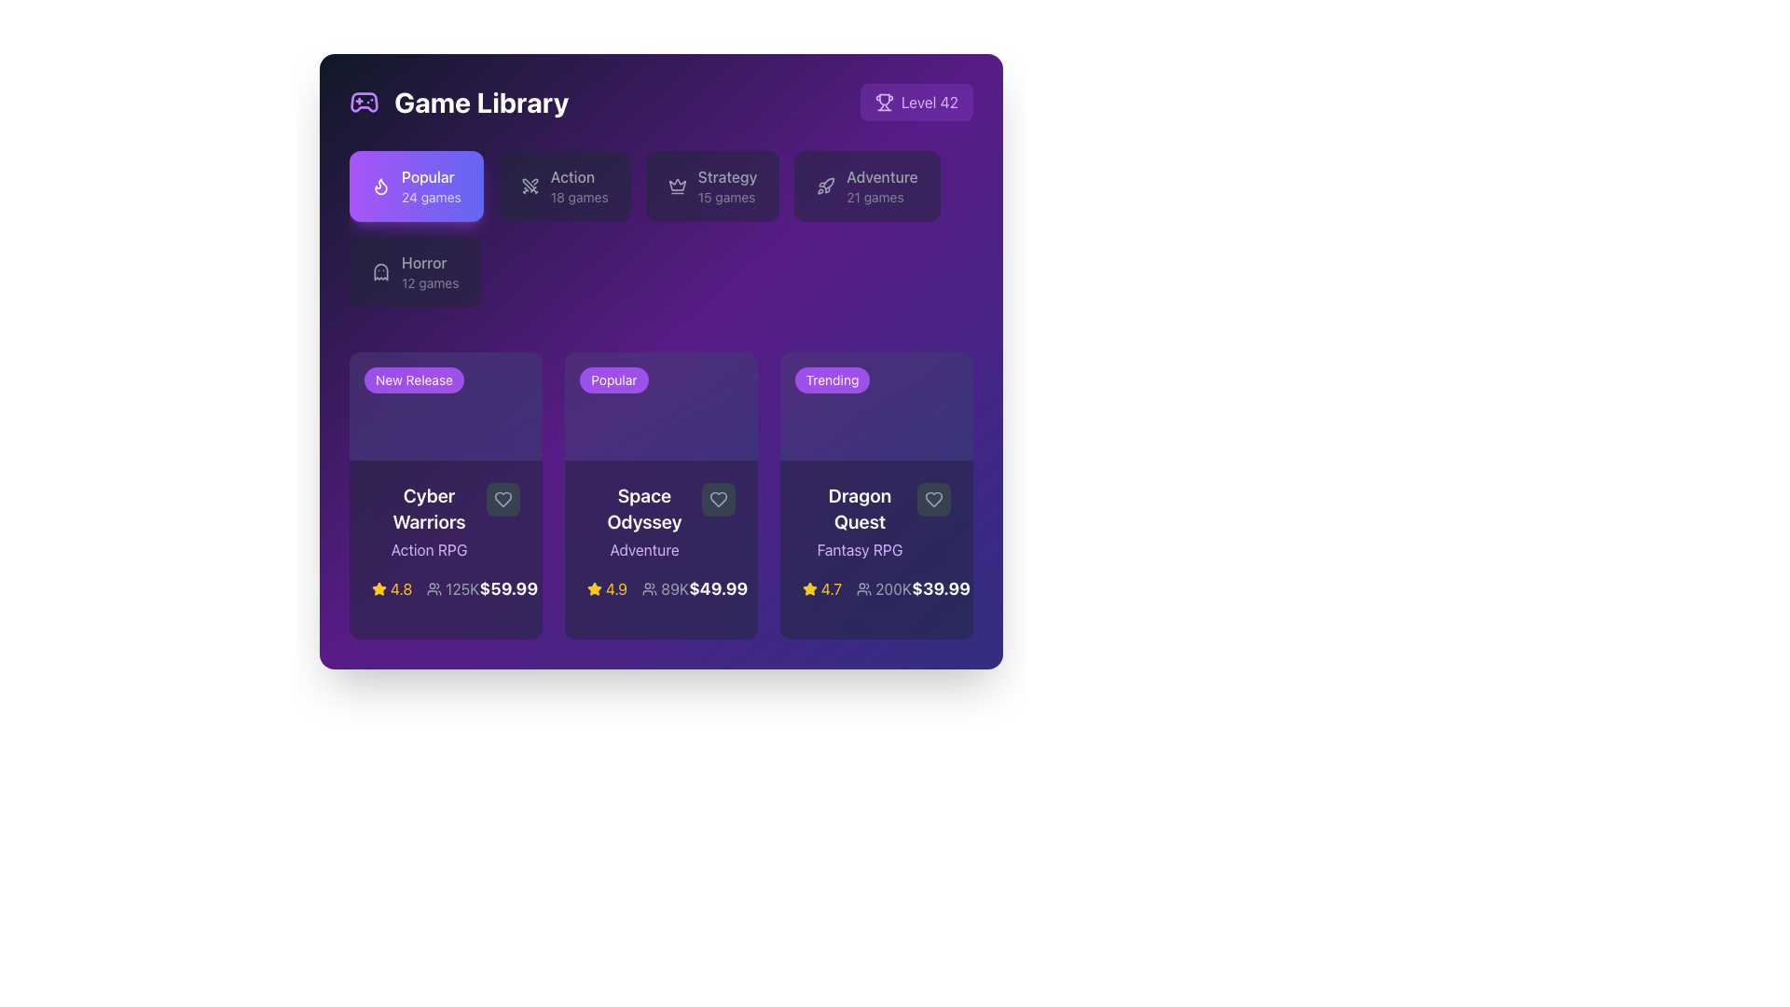 This screenshot has height=1007, width=1790. What do you see at coordinates (638, 589) in the screenshot?
I see `the Rating and user statistics display that shows a yellow star icon followed by the rating value '4.9' and user count '89K' within the 'Popular' card of the 'Game Library' section` at bounding box center [638, 589].